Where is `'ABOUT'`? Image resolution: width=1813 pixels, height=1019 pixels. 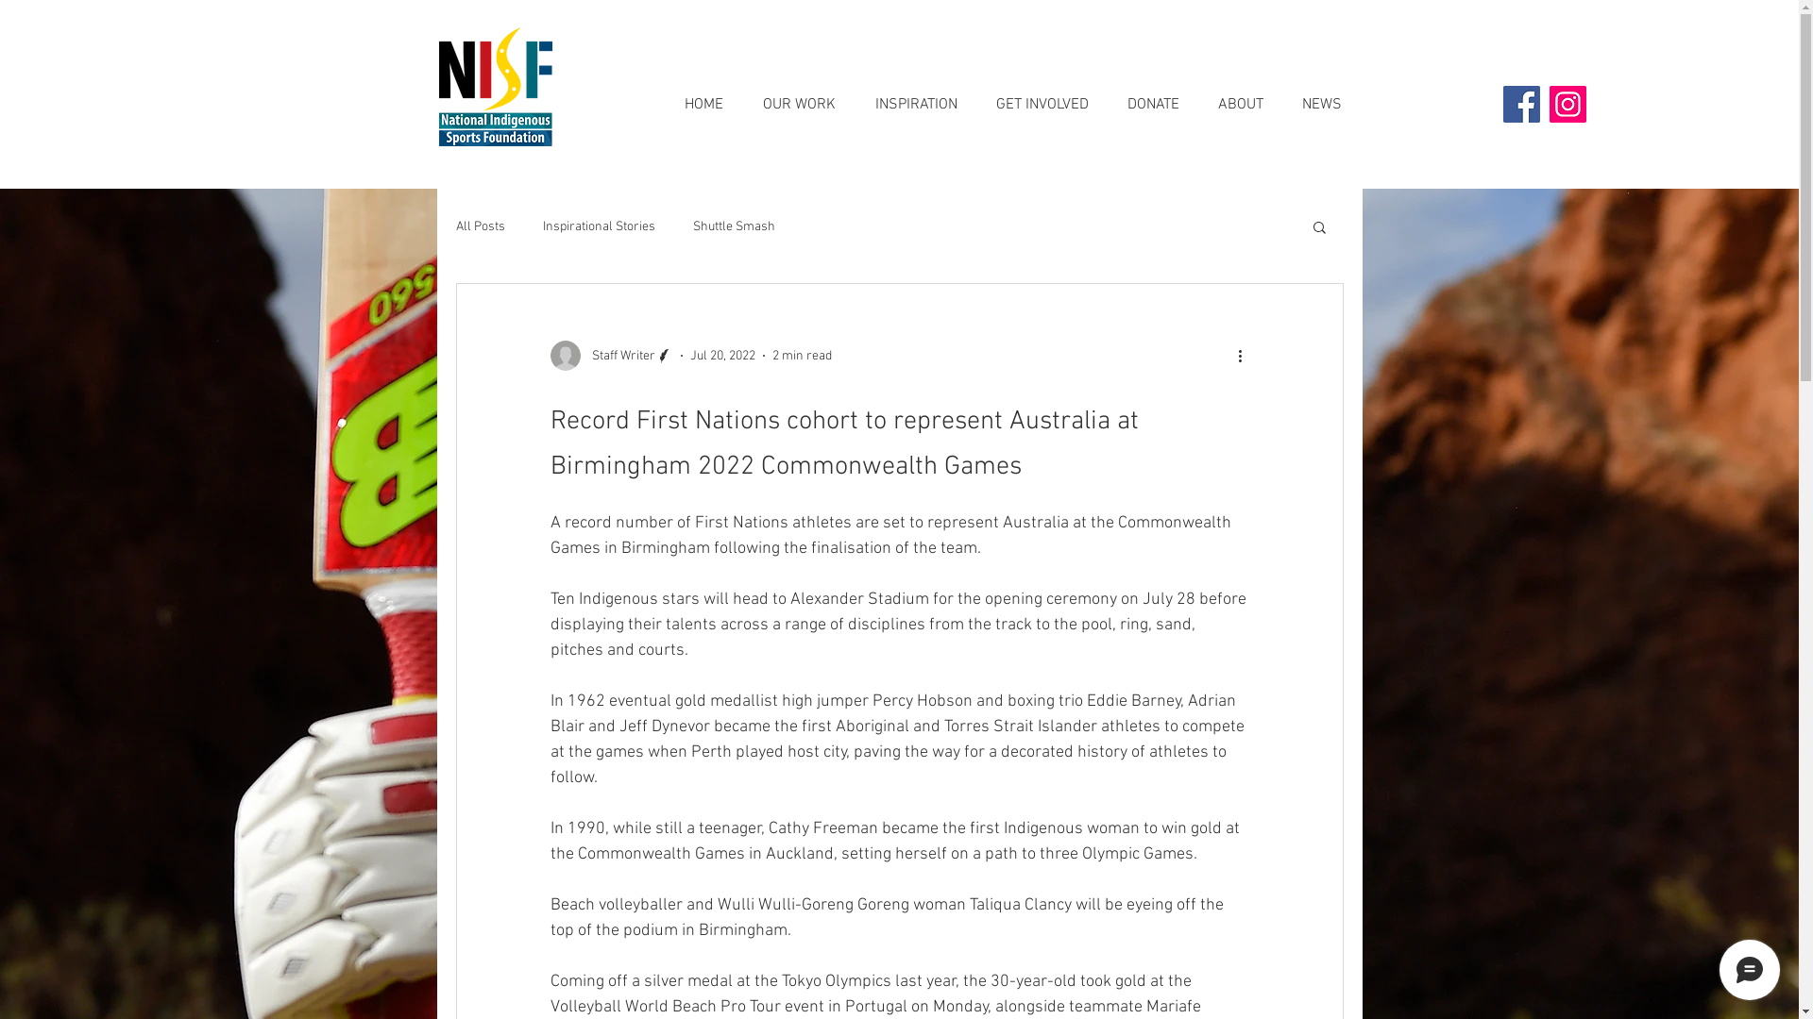
'ABOUT' is located at coordinates (1241, 96).